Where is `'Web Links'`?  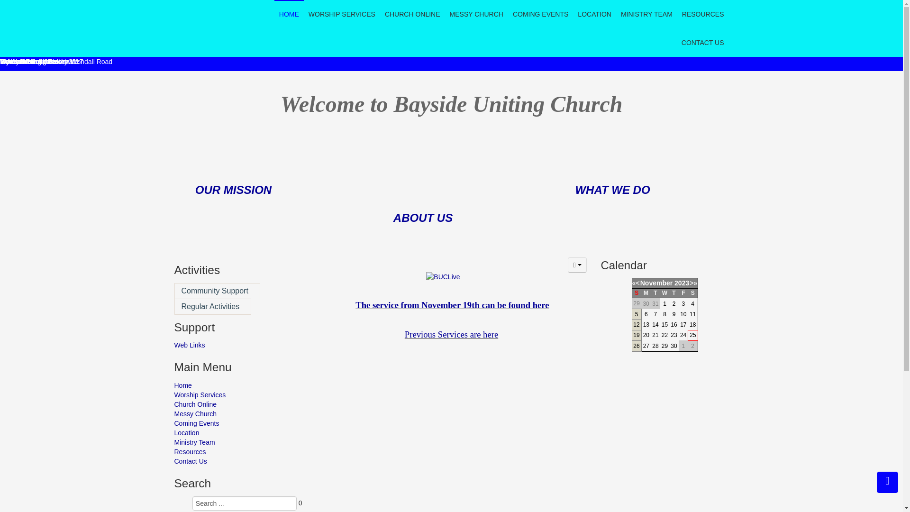
'Web Links' is located at coordinates (174, 345).